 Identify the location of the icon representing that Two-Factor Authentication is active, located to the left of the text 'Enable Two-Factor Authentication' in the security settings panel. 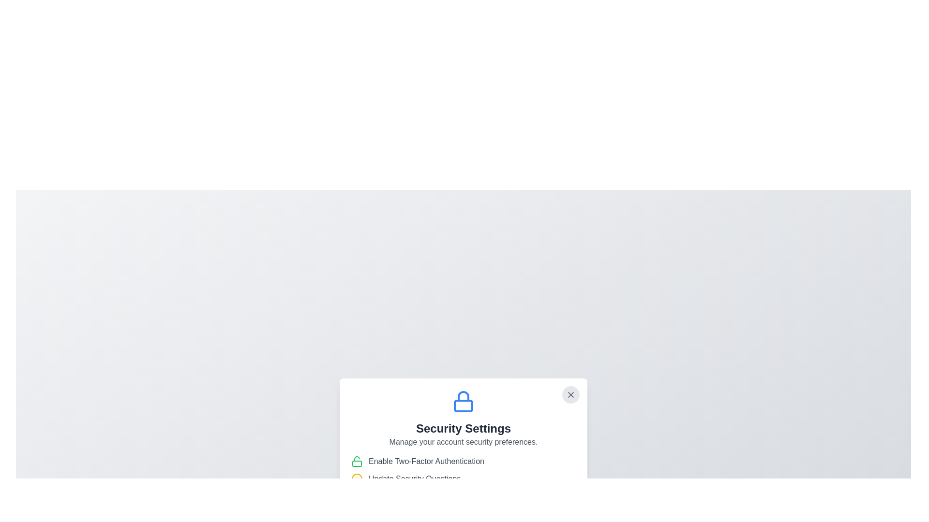
(357, 461).